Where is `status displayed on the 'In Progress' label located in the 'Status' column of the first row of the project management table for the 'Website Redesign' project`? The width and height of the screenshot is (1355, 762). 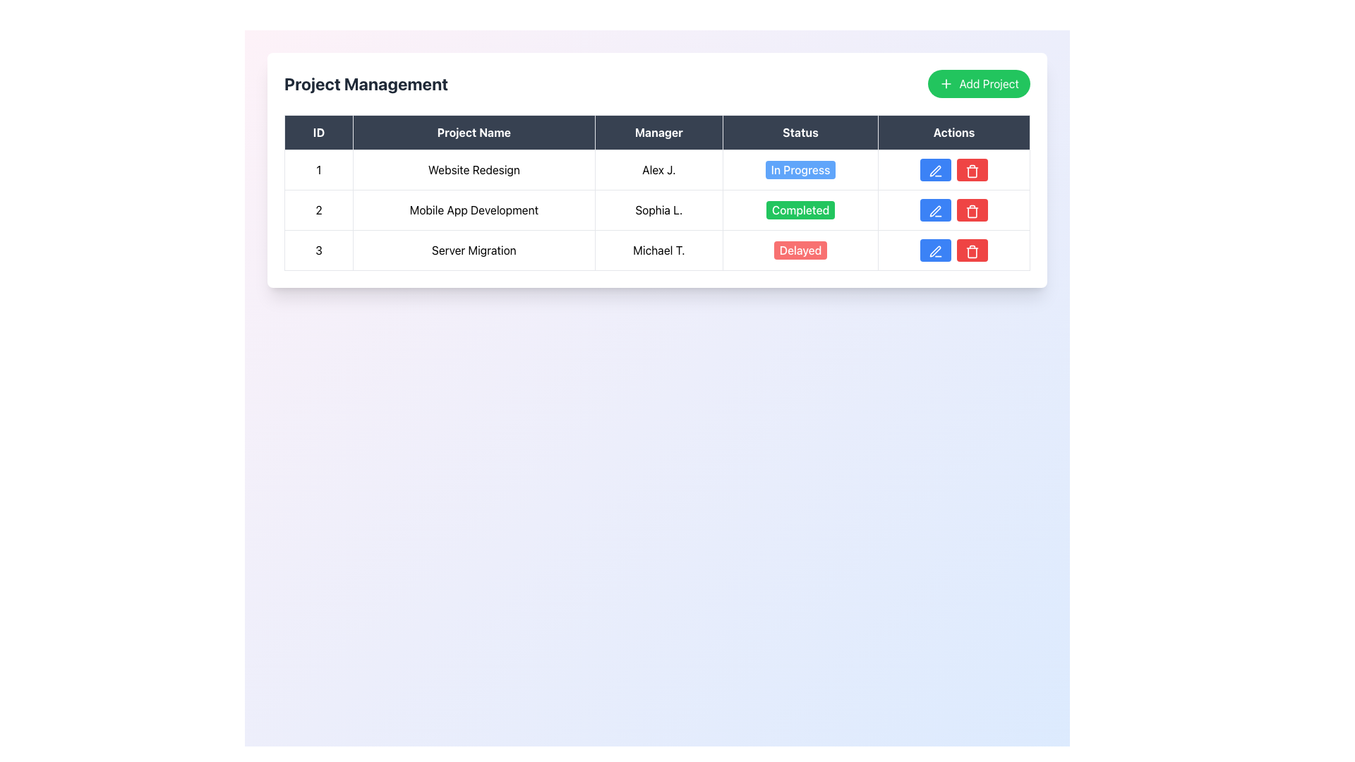 status displayed on the 'In Progress' label located in the 'Status' column of the first row of the project management table for the 'Website Redesign' project is located at coordinates (800, 169).